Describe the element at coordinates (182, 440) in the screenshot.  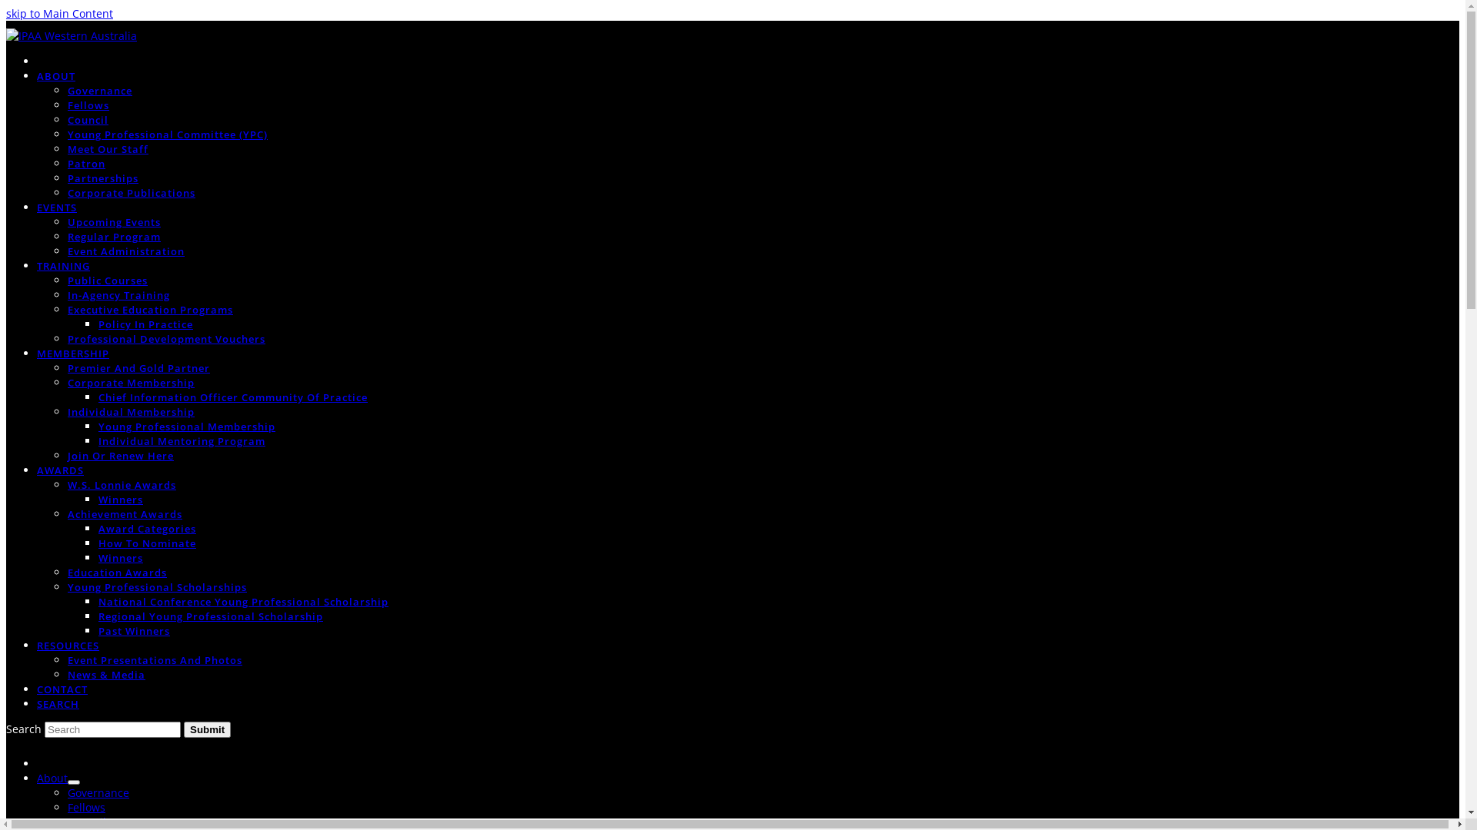
I see `'Individual Mentoring Program'` at that location.